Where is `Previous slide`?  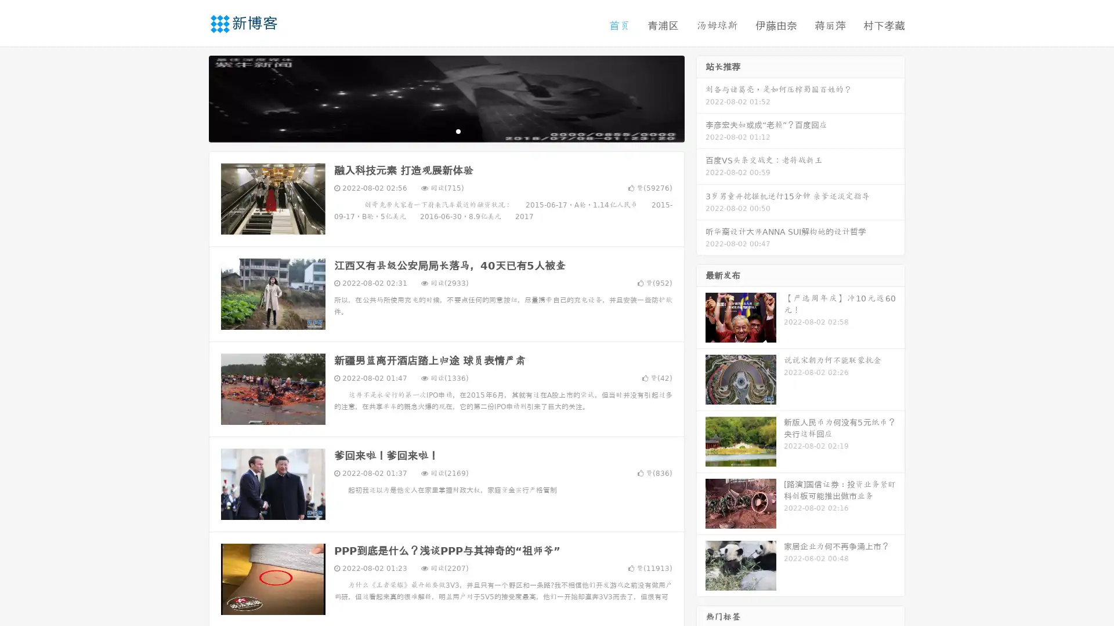
Previous slide is located at coordinates (191, 97).